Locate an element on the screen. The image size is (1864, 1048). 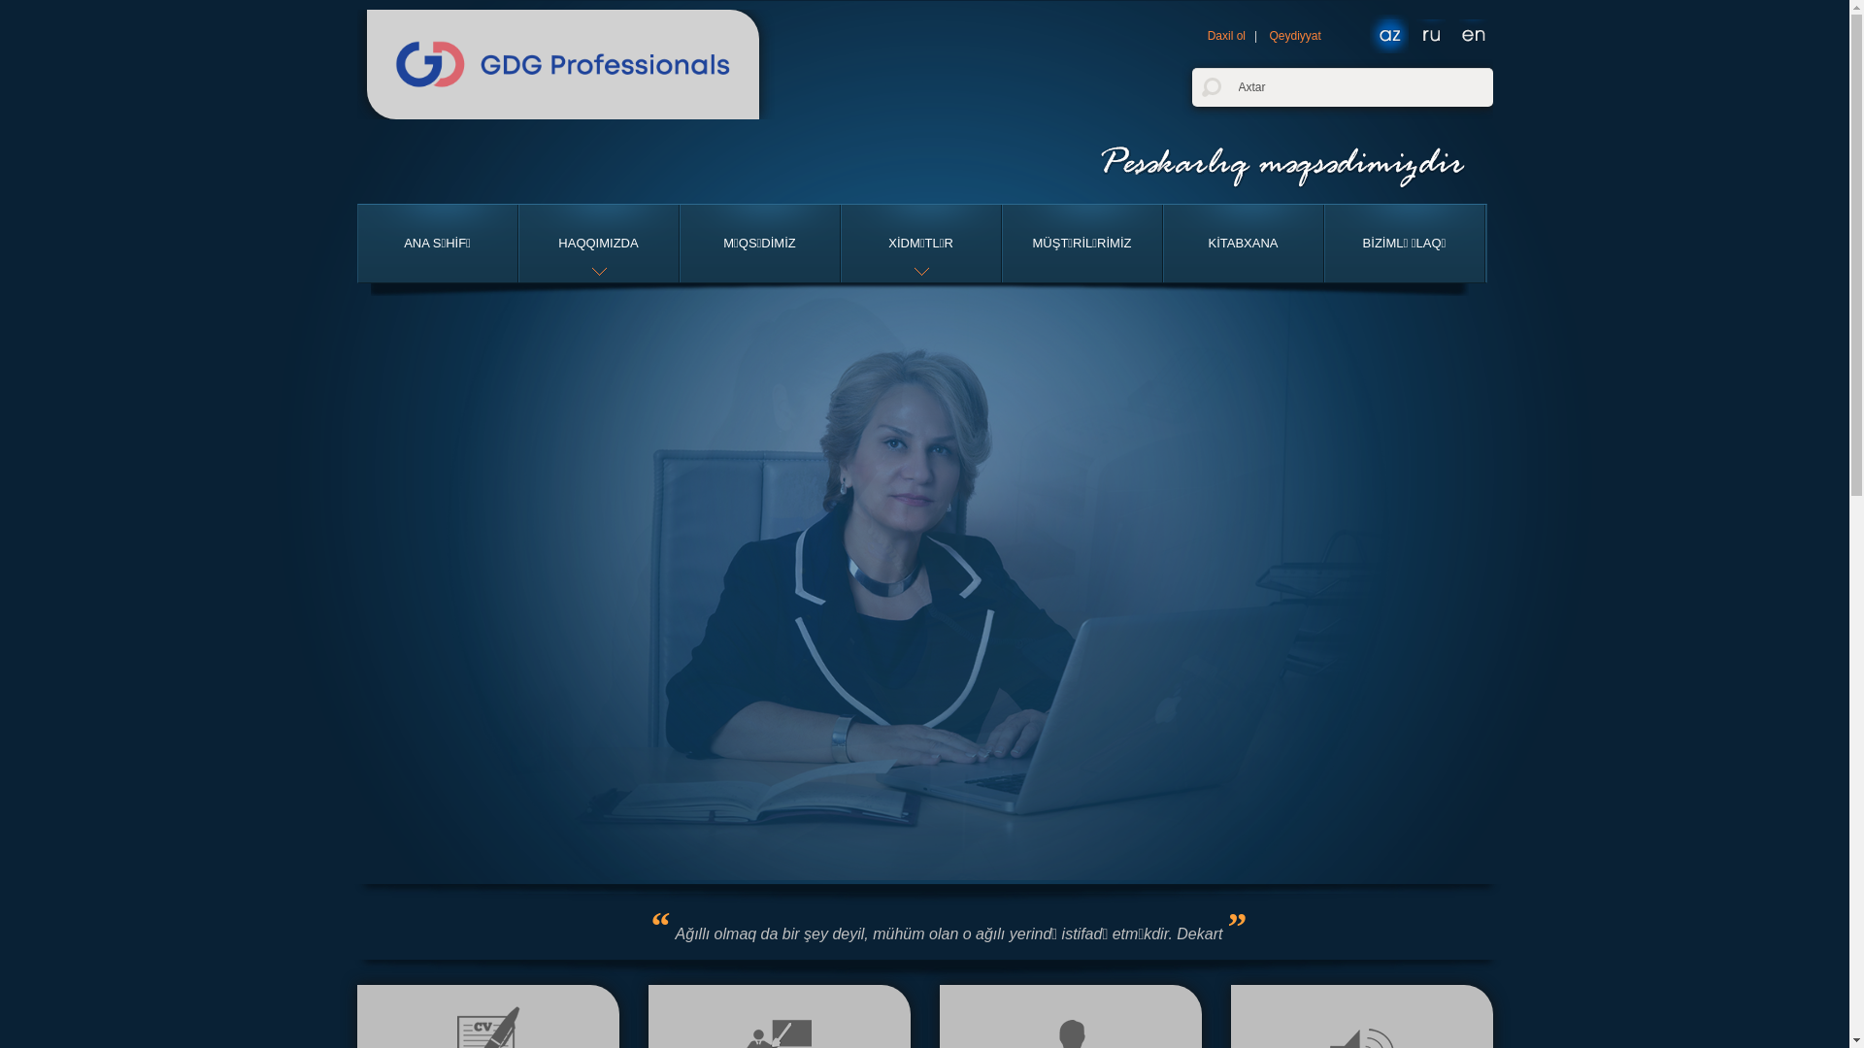
'Daxil ol' is located at coordinates (1225, 36).